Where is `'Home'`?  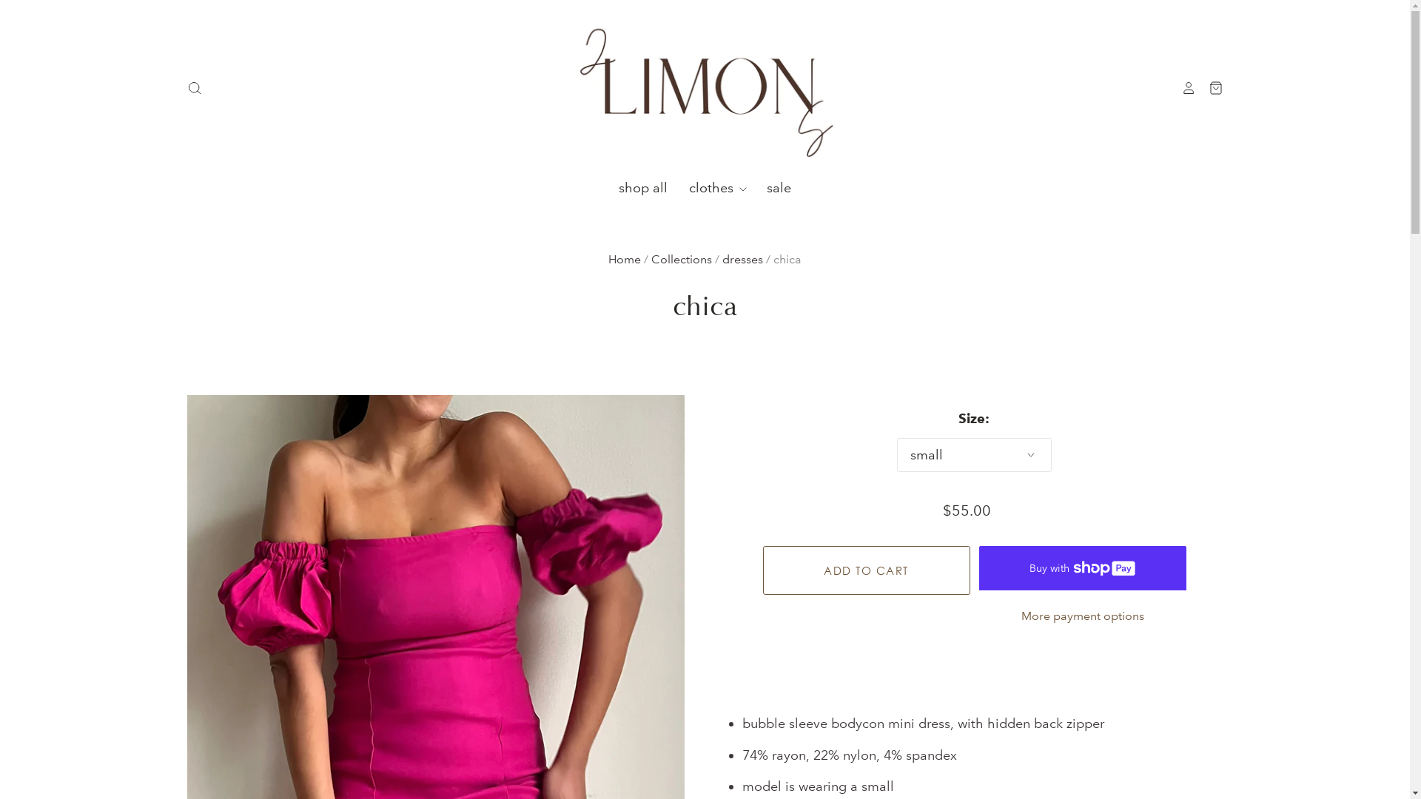
'Home' is located at coordinates (625, 258).